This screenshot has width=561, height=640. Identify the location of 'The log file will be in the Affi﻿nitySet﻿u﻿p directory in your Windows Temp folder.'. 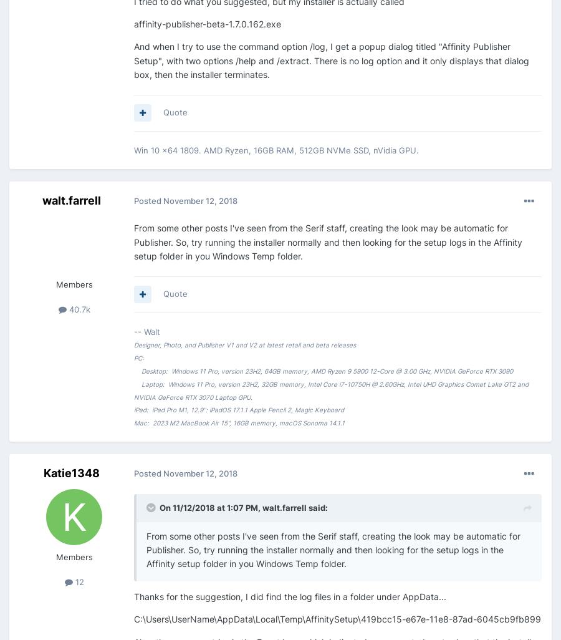
(303, 54).